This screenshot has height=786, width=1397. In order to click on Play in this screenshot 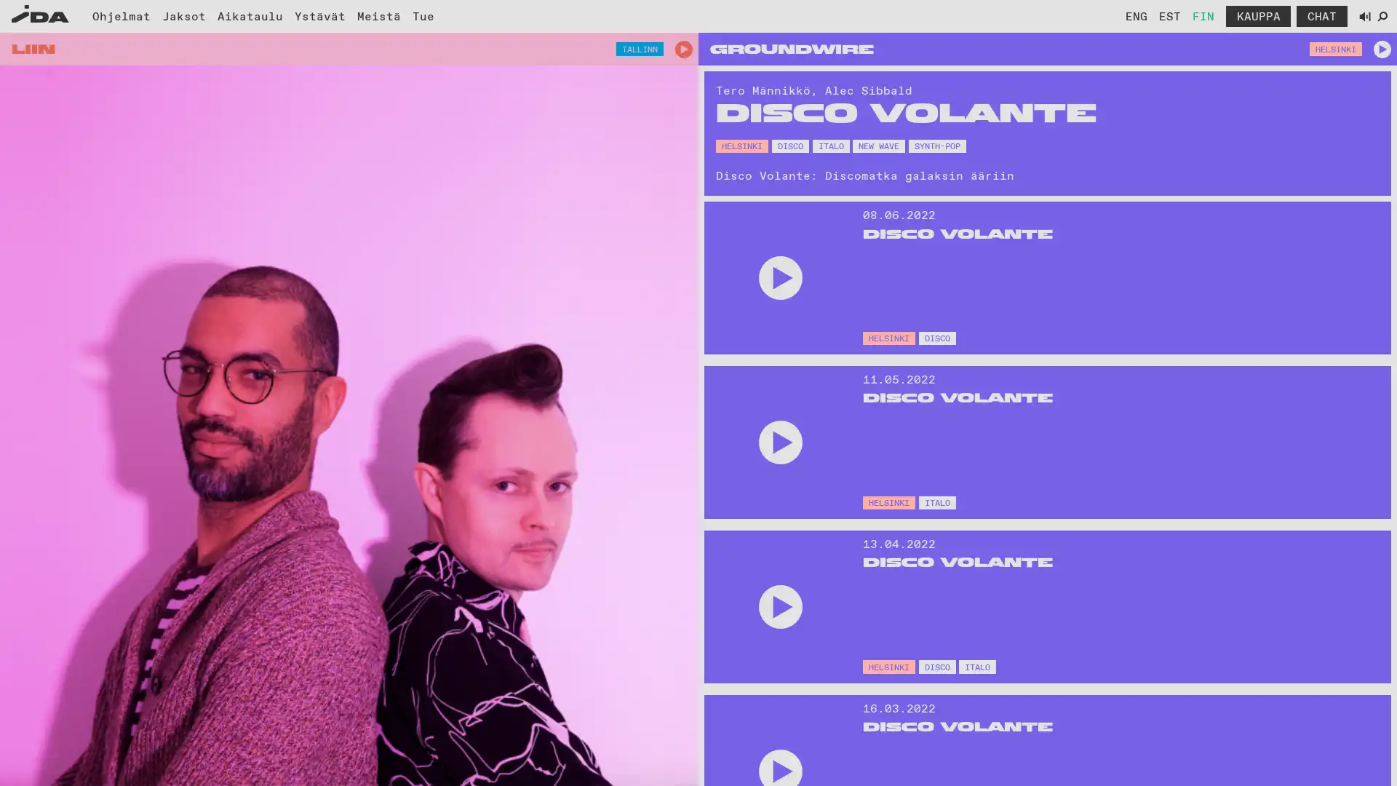, I will do `click(683, 47)`.